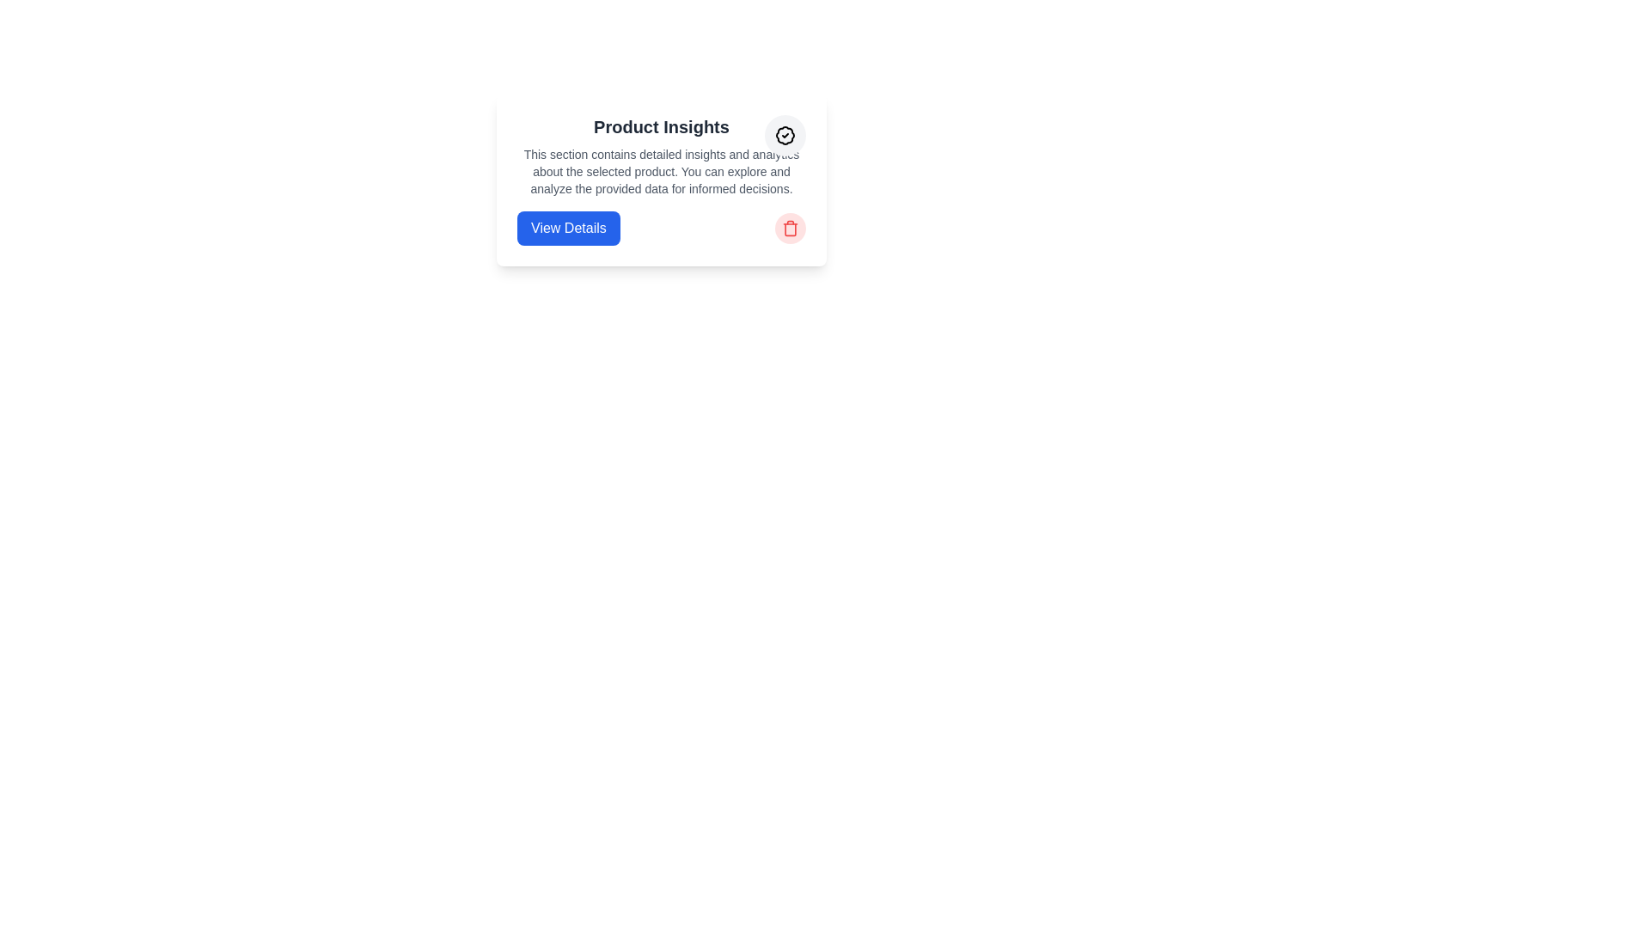  I want to click on the delete button with an icon located to the right of the 'Product Insights' section, adjacent to the 'View Details' blue button, so click(790, 228).